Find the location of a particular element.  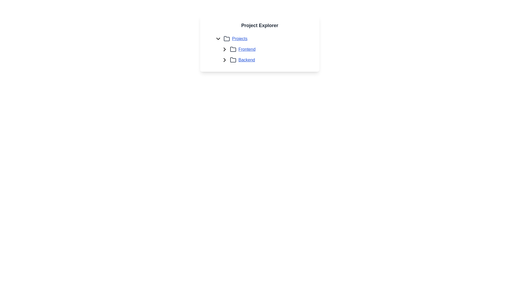

the hyperlink labeled 'Frontend' located beneath the 'Projects' link in the 'Project Explorer' section is located at coordinates (263, 49).